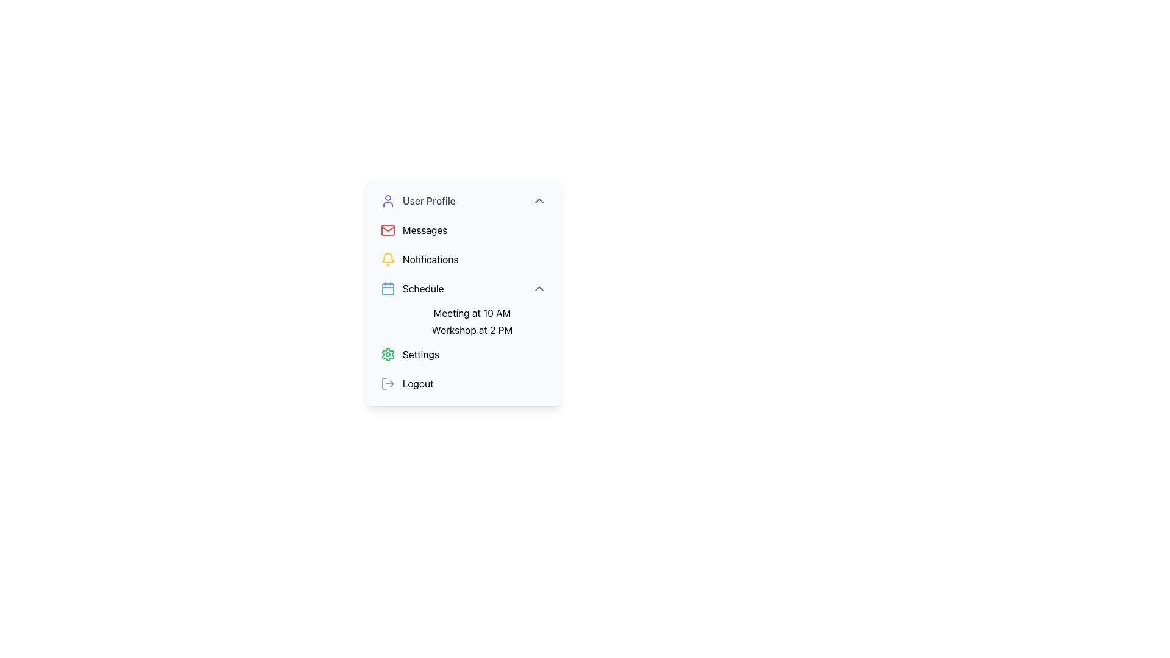 The width and height of the screenshot is (1170, 658). What do you see at coordinates (423, 289) in the screenshot?
I see `text label 'Schedule' which is the fourth item in the vertical menu layout, positioned next to a blue calendar icon` at bounding box center [423, 289].